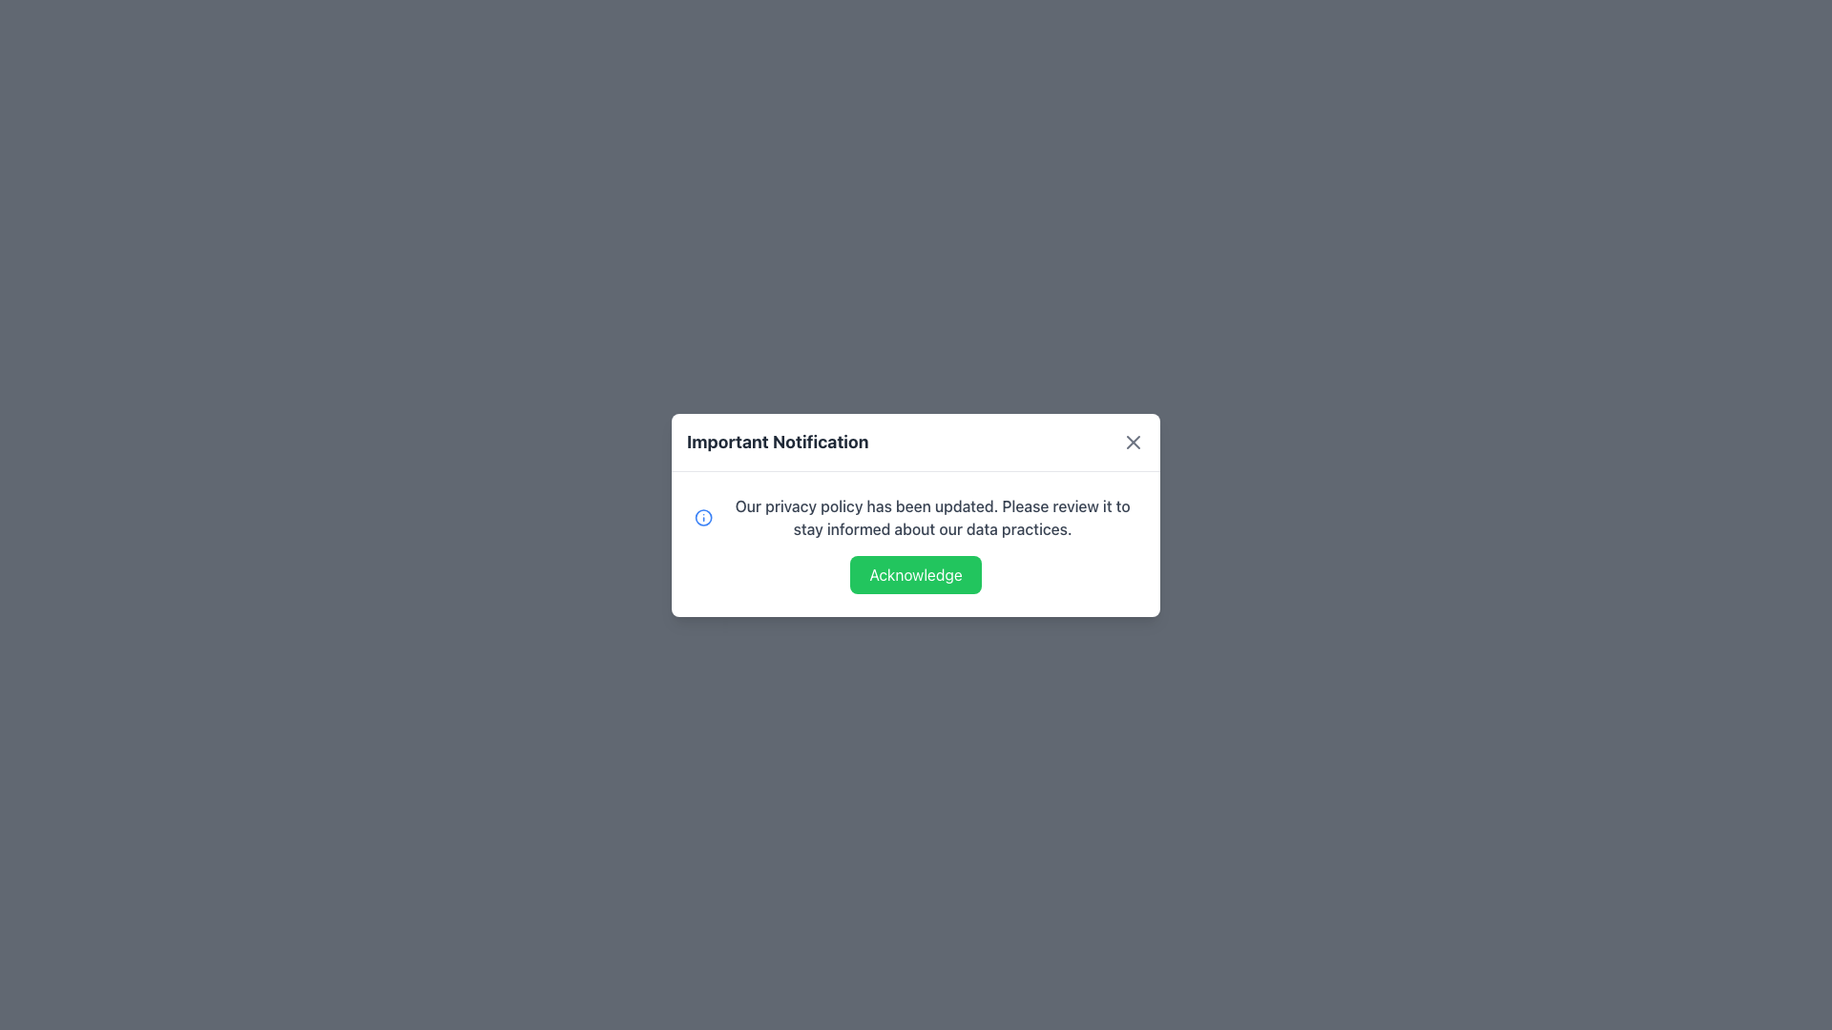  Describe the element at coordinates (916, 572) in the screenshot. I see `the confirmation button located at the bottom of the centered notification modal to acknowledge the notification regarding the policy update` at that location.